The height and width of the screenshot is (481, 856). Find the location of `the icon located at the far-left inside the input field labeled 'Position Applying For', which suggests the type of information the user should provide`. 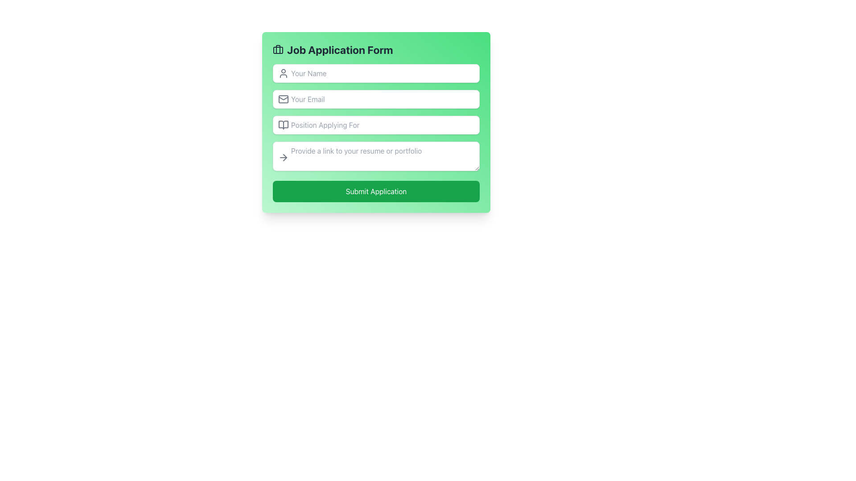

the icon located at the far-left inside the input field labeled 'Position Applying For', which suggests the type of information the user should provide is located at coordinates (283, 125).